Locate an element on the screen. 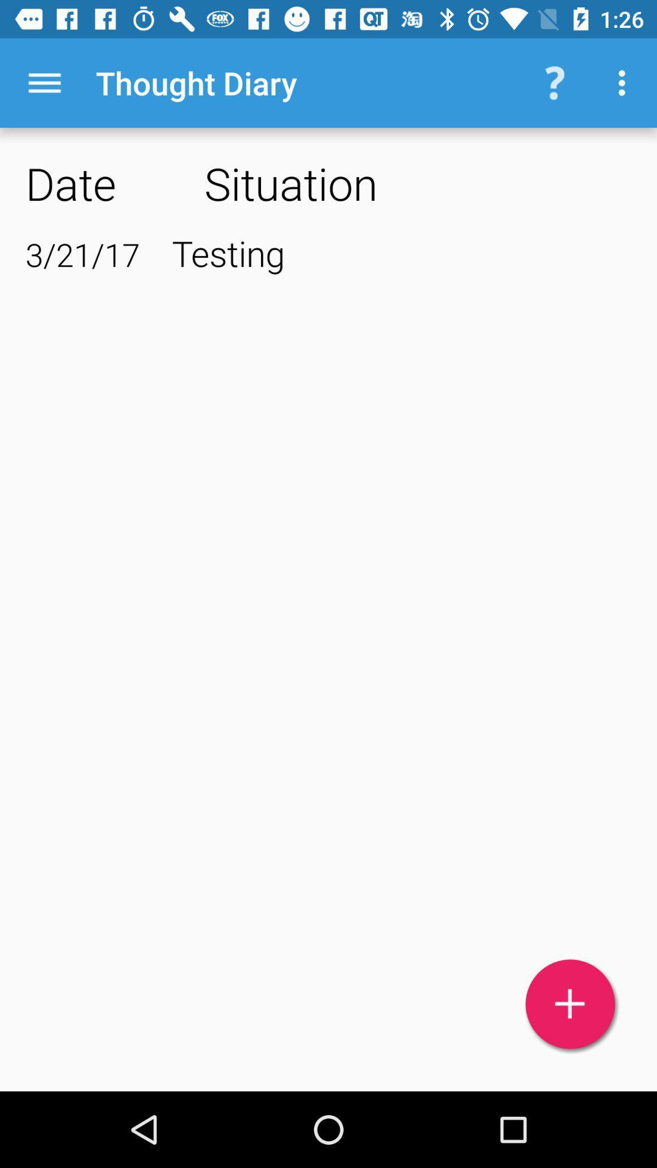 The height and width of the screenshot is (1168, 657). the item to the left of testing item is located at coordinates (82, 254).